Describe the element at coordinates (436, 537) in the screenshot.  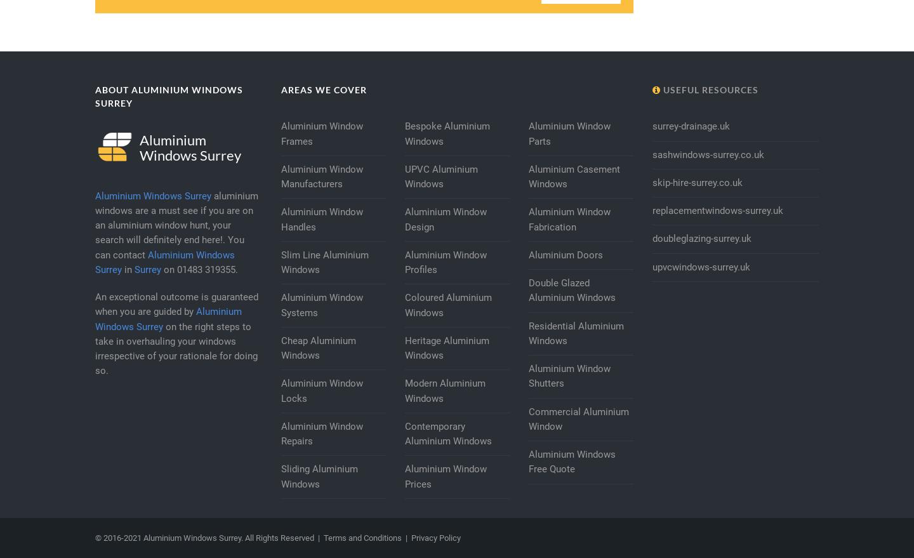
I see `'Privacy Policy'` at that location.